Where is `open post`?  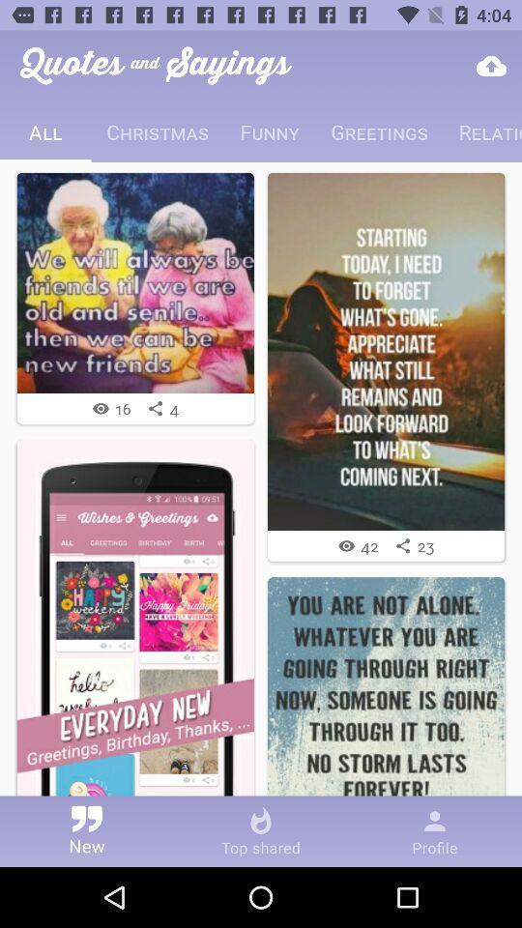 open post is located at coordinates (134, 281).